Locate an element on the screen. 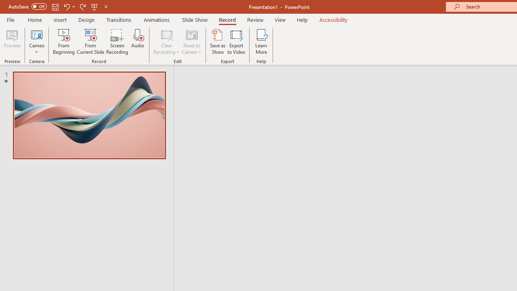 This screenshot has height=291, width=517. 'From Beginning...' is located at coordinates (63, 42).